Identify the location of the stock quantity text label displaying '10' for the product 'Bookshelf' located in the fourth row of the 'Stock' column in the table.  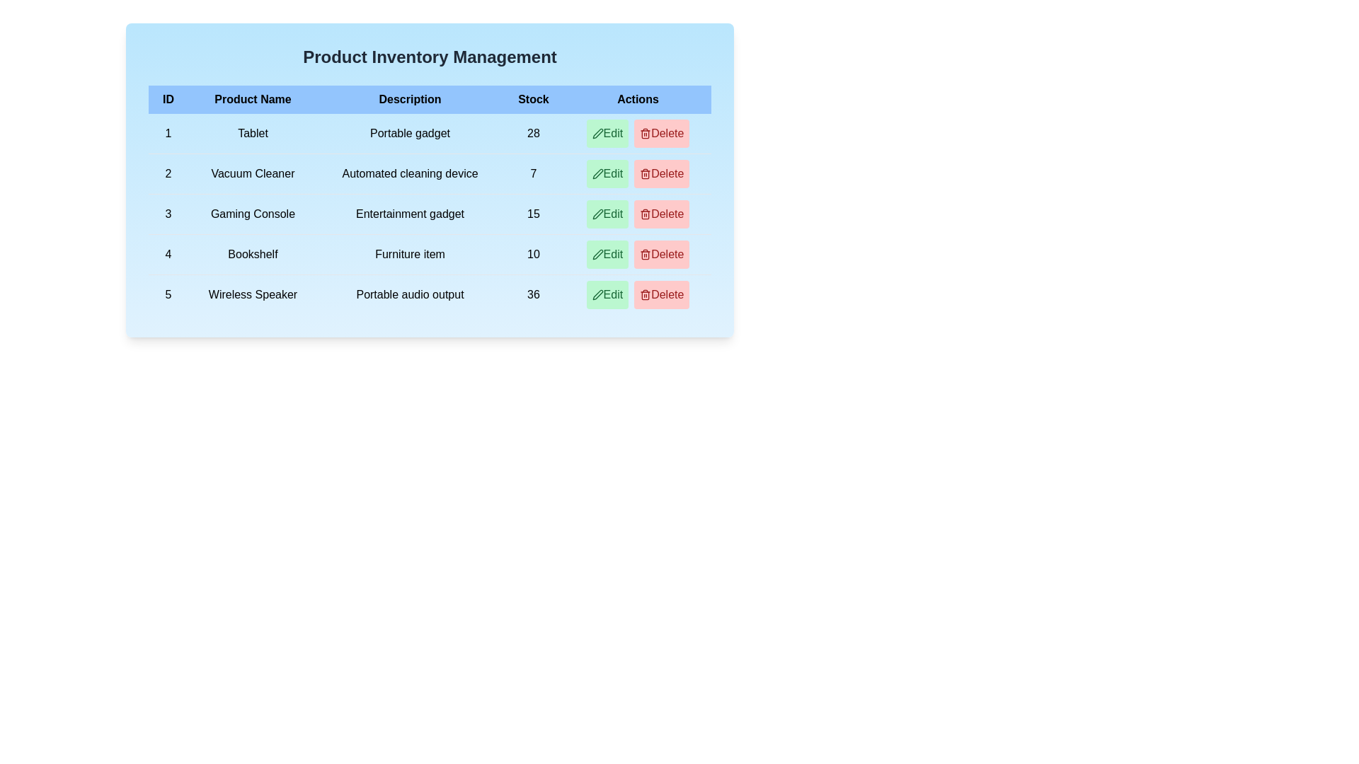
(532, 253).